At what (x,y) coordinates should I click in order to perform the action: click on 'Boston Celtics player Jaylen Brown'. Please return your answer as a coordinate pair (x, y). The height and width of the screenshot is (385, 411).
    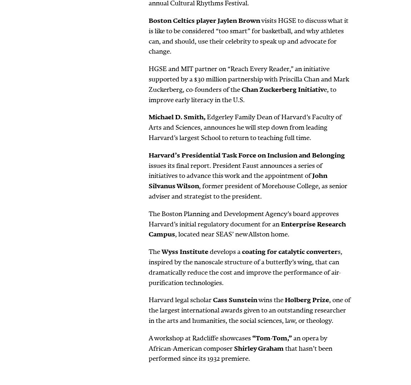
    Looking at the image, I should click on (204, 20).